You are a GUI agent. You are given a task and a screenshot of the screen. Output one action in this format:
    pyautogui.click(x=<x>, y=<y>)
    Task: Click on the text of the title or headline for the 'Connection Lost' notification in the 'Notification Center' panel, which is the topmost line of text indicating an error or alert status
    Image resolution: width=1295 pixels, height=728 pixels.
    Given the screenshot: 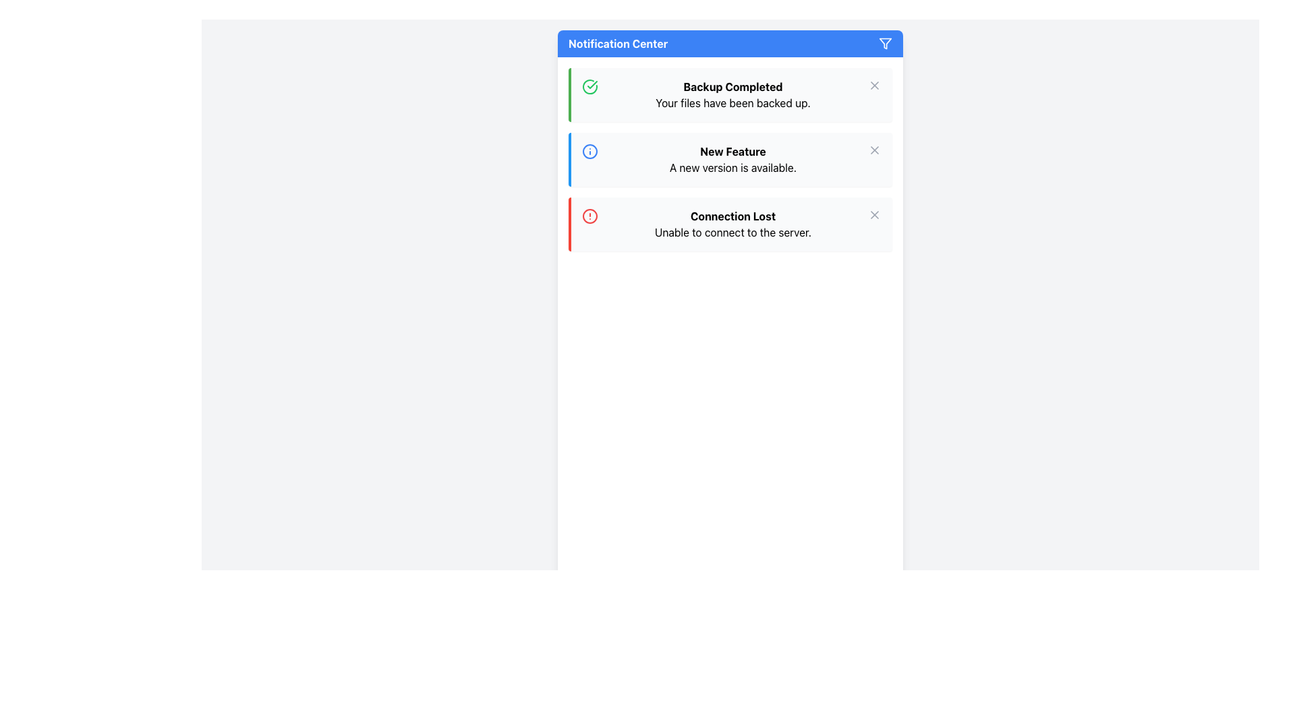 What is the action you would take?
    pyautogui.click(x=732, y=215)
    